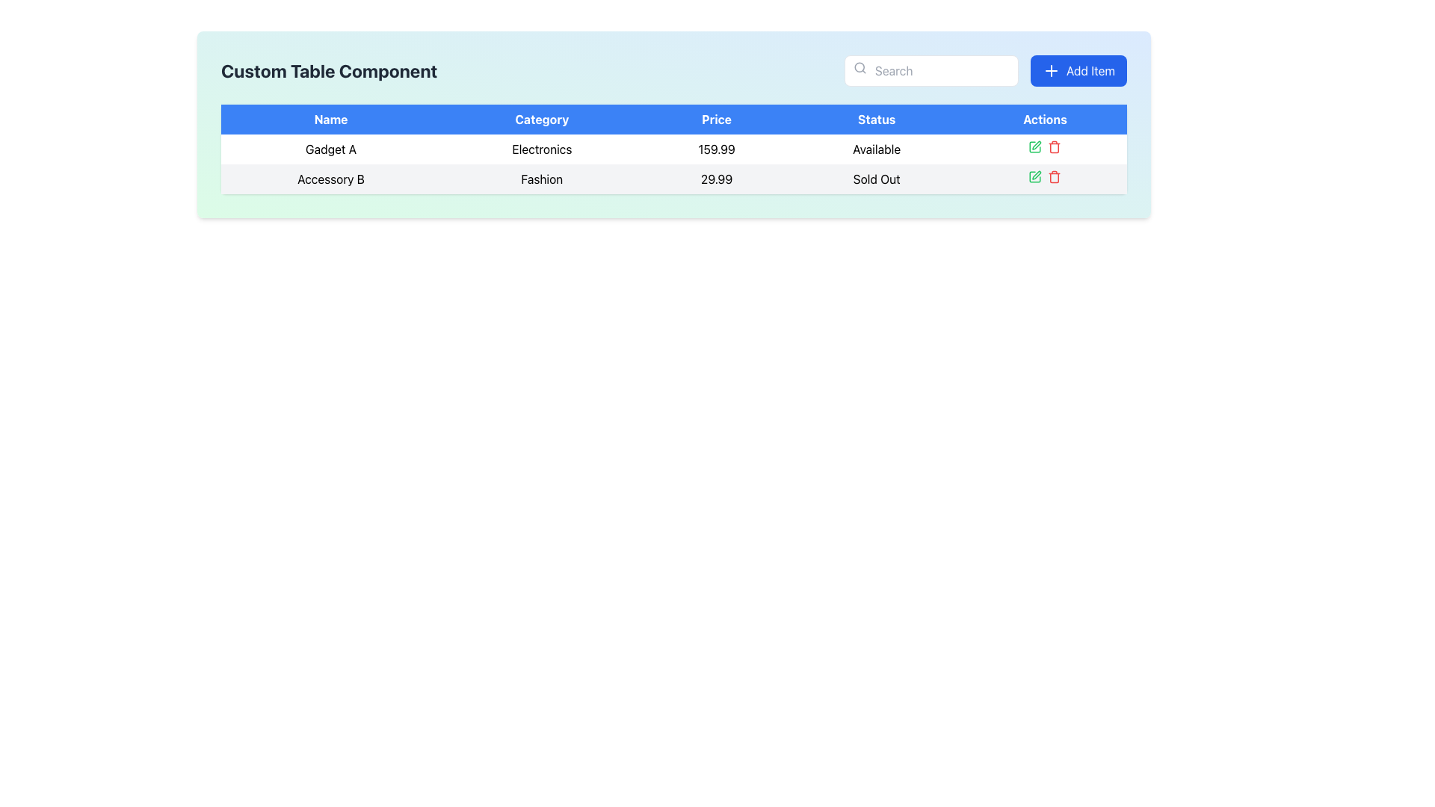 The image size is (1435, 807). What do you see at coordinates (716, 178) in the screenshot?
I see `the Text Label displaying the price of the item in the 'Fashion' category located in the 'Price' column of the table` at bounding box center [716, 178].